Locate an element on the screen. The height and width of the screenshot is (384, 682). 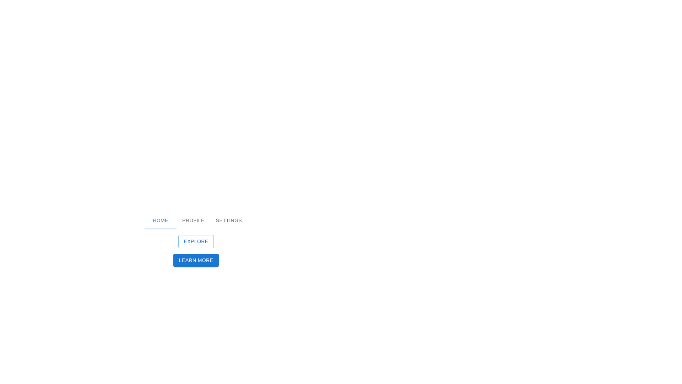
the 'Explore' button, which is a rectangular button with a white background and blue text, located below the tab bar and above the 'Learn More' button is located at coordinates (196, 239).